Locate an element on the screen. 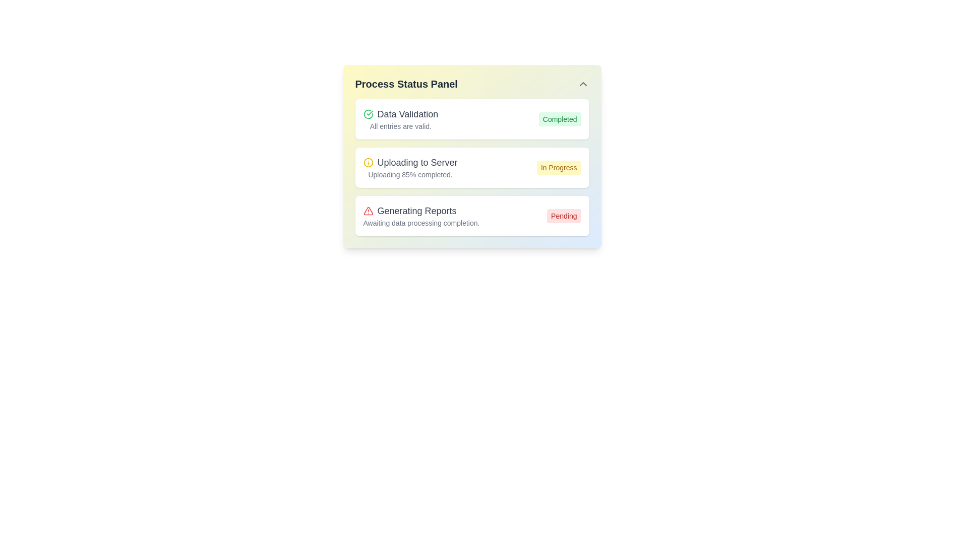  progress message from the second notification card in the 'Process Status Panel', which indicates that the uploading process is 85% complete and currently 'In Progress' is located at coordinates (471, 167).